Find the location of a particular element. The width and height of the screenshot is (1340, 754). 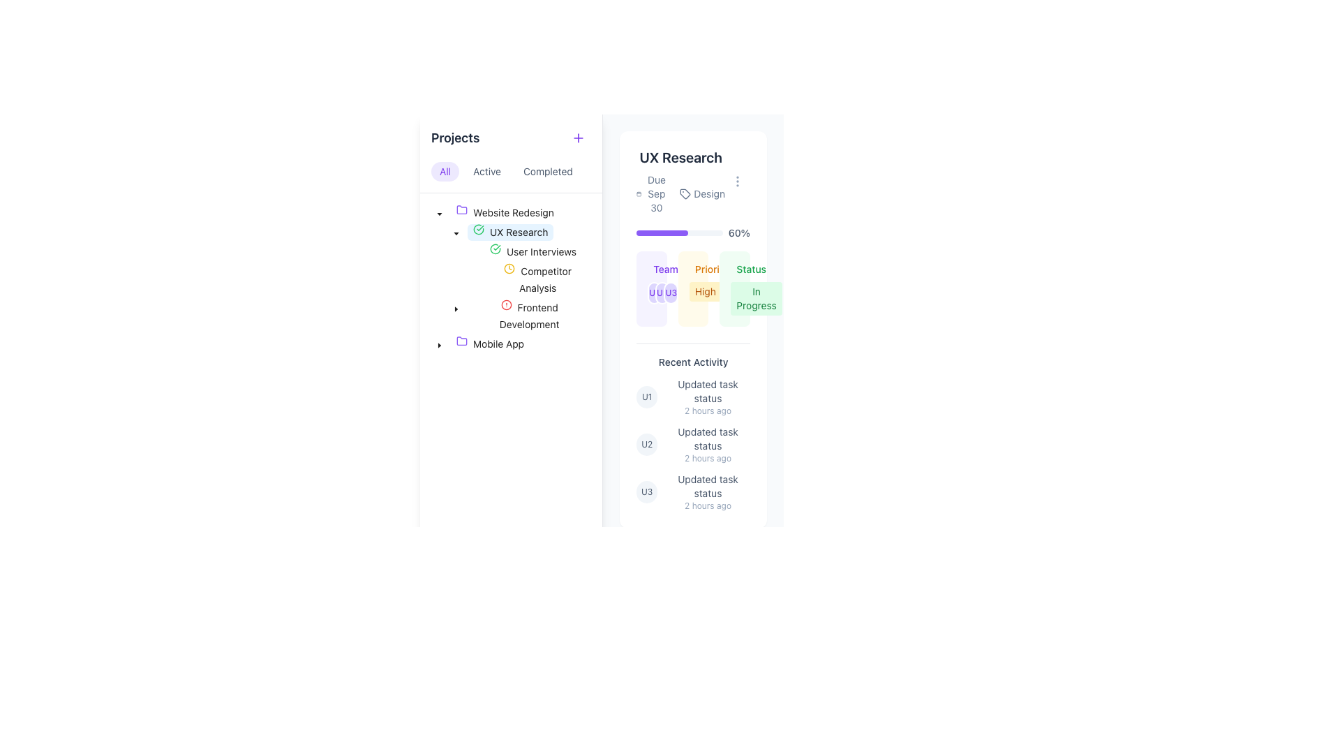

the avatar or text of the activity log entry indicating that user 'U2' updated the task status two hours ago, located in the 'Recent Activity' section as the second entry in the vertical list is located at coordinates (693, 444).